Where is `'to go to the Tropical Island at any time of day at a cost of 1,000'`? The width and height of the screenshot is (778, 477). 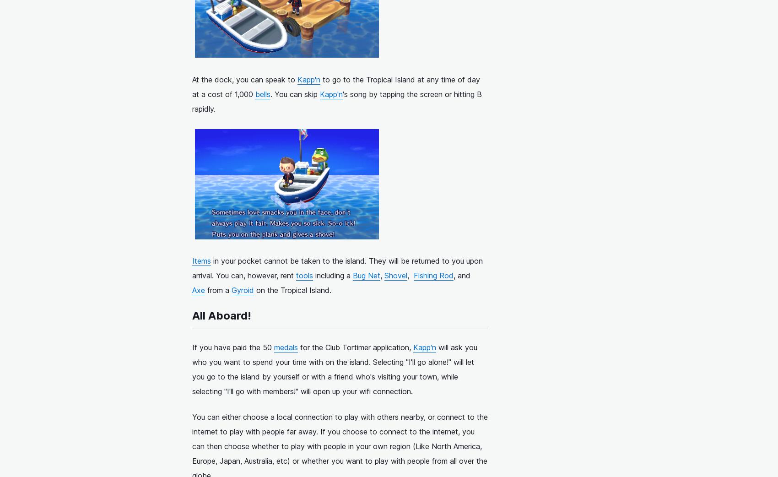 'to go to the Tropical Island at any time of day at a cost of 1,000' is located at coordinates (336, 86).